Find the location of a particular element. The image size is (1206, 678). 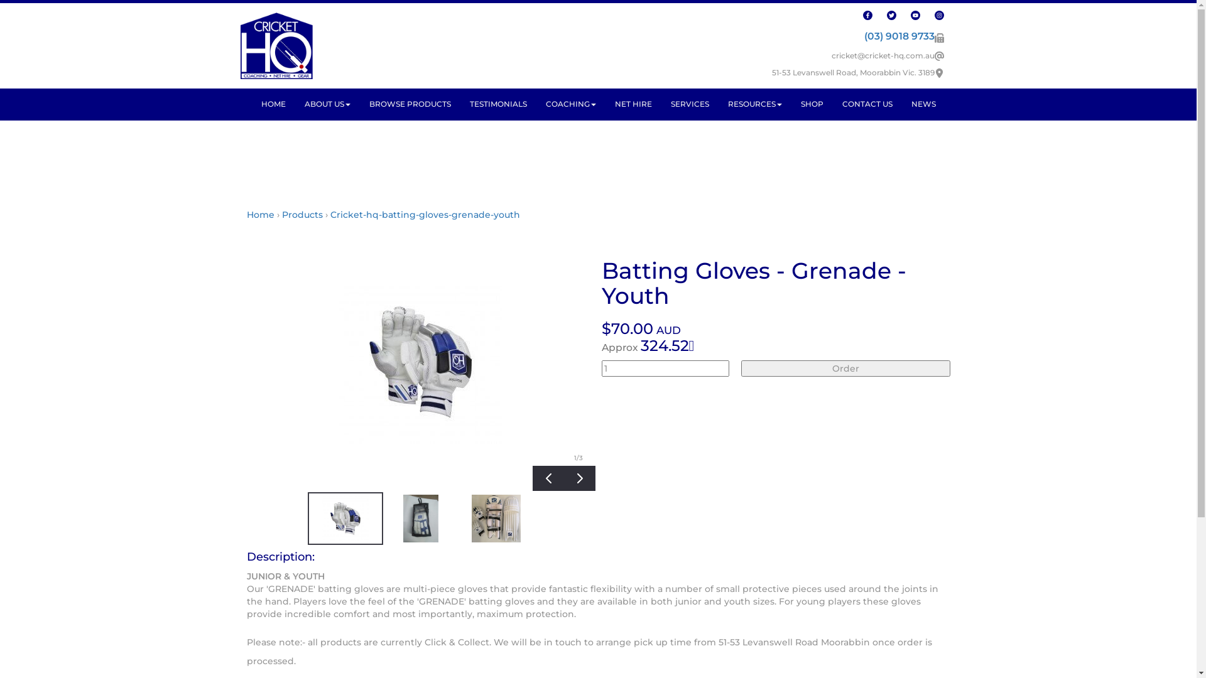

'SHOP' is located at coordinates (812, 103).